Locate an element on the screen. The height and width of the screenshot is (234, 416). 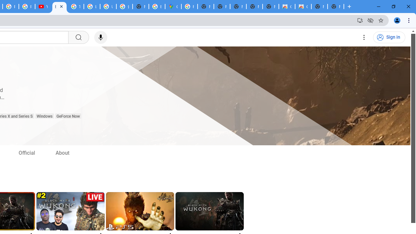
'Google Maps' is located at coordinates (173, 6).